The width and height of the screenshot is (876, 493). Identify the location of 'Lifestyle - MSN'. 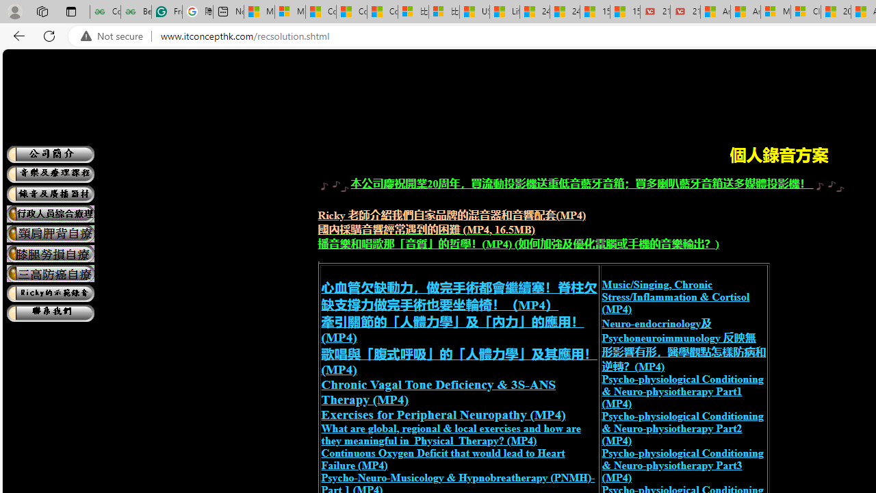
(504, 12).